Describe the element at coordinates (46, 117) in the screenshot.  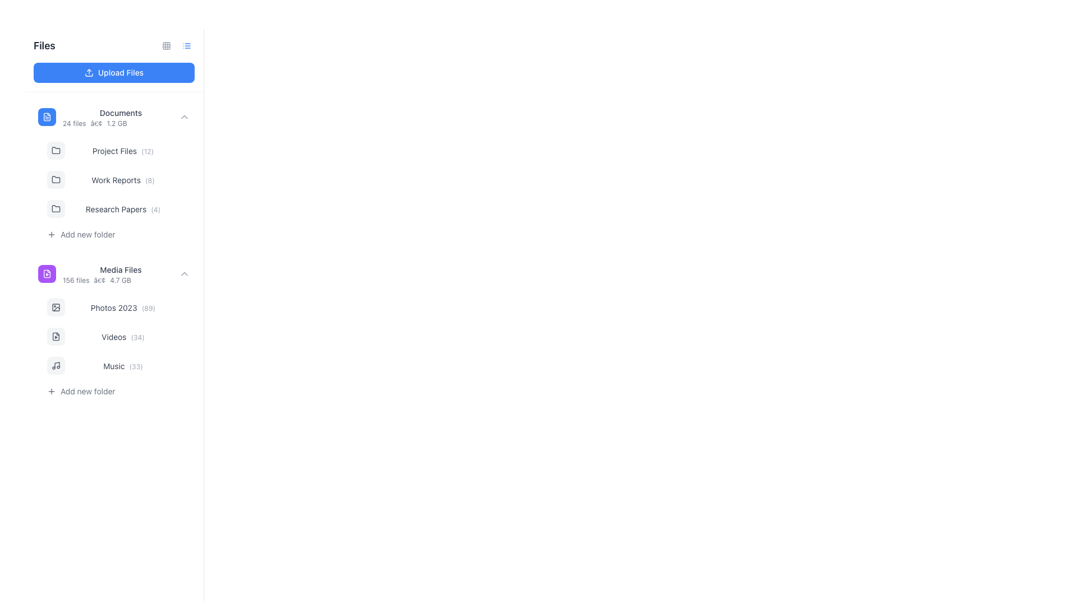
I see `the white document icon with a file-text style located in the sidebar menu under the 'Files' section, next to the 'Documents' label, which is centered within a circular blue background` at that location.